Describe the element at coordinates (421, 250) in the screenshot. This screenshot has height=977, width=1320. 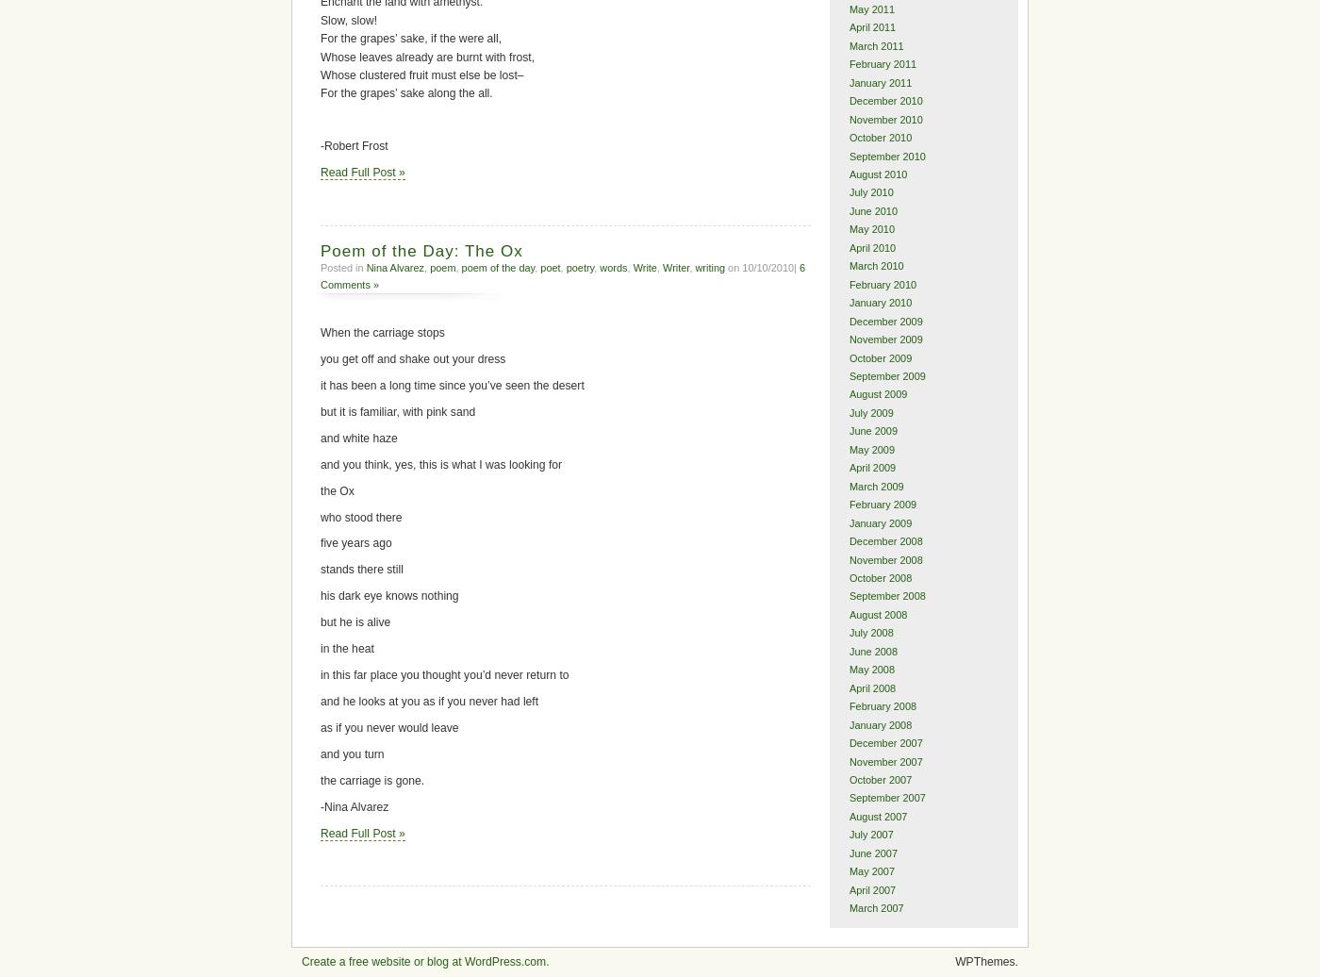
I see `'Poem of the Day: The Ox'` at that location.